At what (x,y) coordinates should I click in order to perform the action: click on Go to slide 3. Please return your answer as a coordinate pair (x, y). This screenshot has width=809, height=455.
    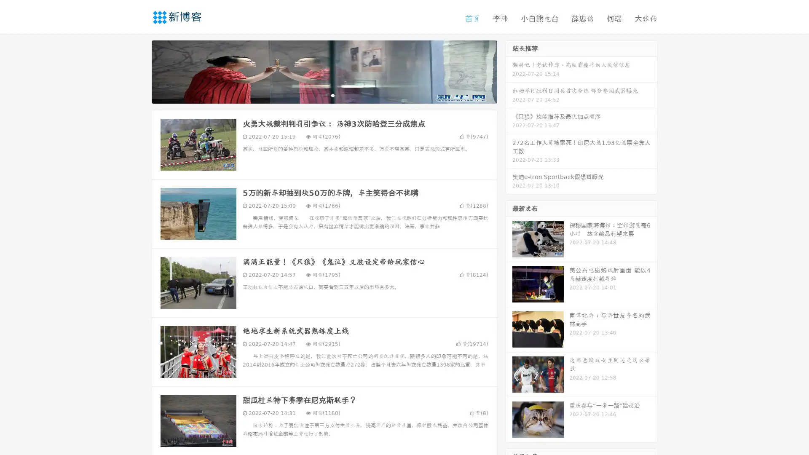
    Looking at the image, I should click on (332, 95).